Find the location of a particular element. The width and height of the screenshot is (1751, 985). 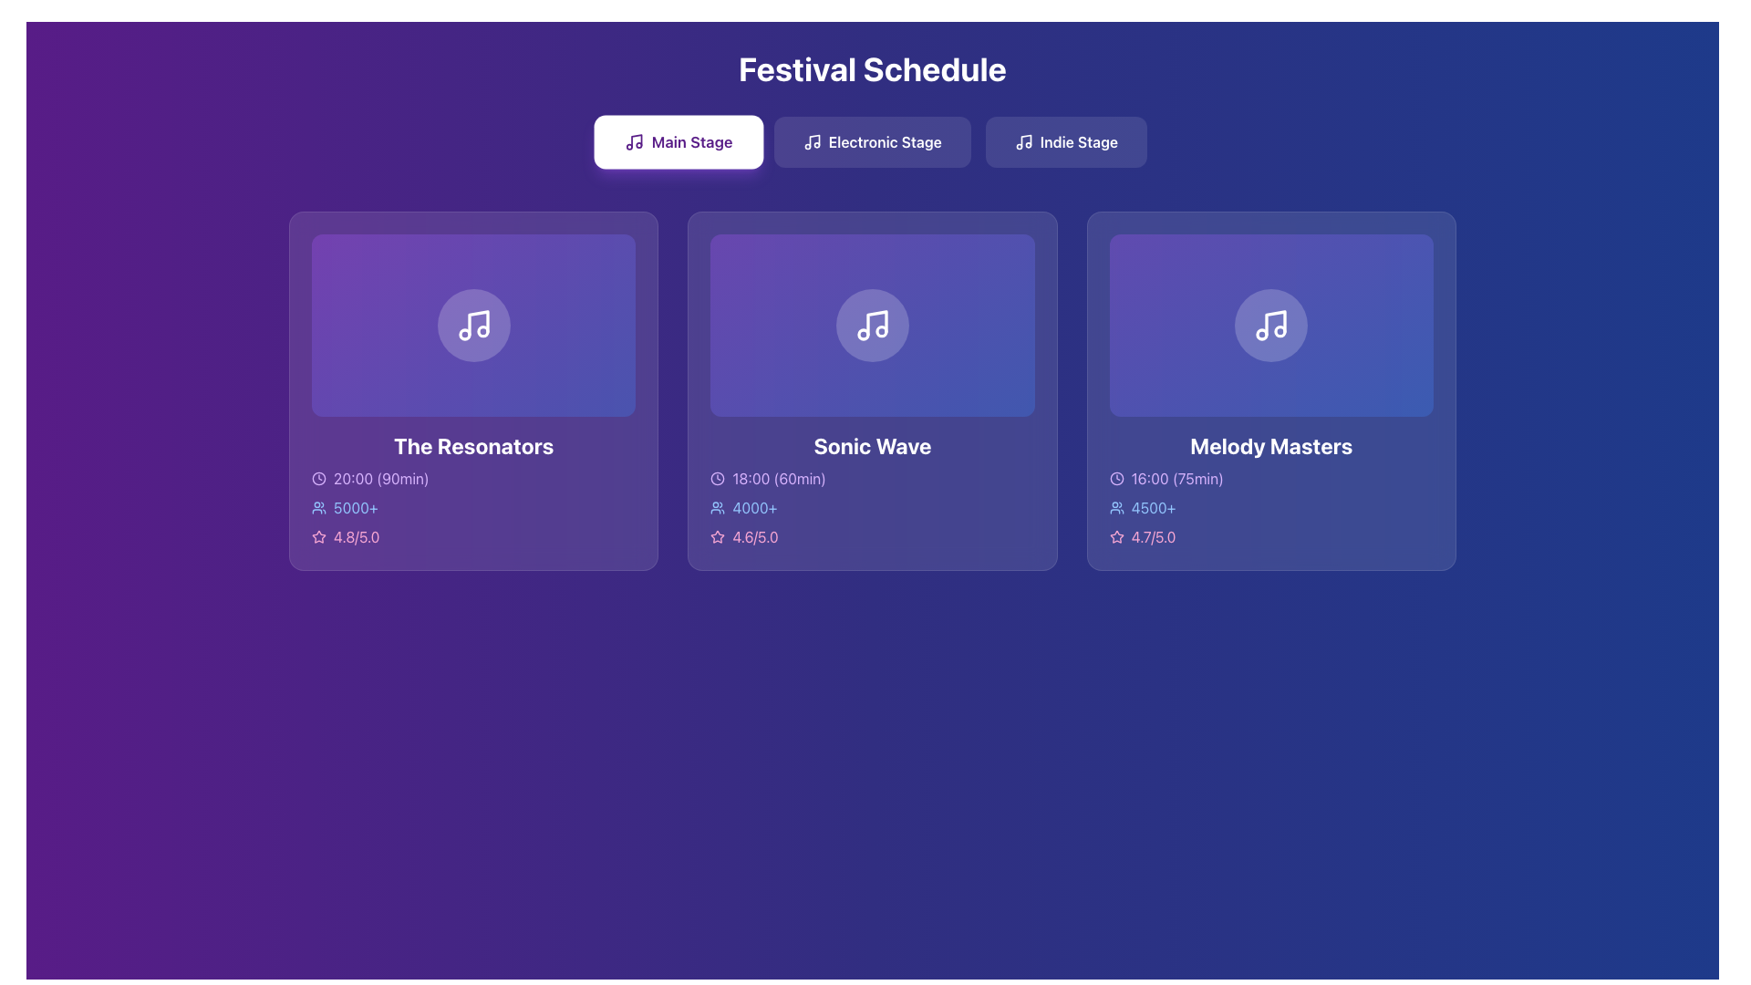

the leftmost circle of the music note graphic in the first card labeled 'The Resonators' is located at coordinates (464, 334).